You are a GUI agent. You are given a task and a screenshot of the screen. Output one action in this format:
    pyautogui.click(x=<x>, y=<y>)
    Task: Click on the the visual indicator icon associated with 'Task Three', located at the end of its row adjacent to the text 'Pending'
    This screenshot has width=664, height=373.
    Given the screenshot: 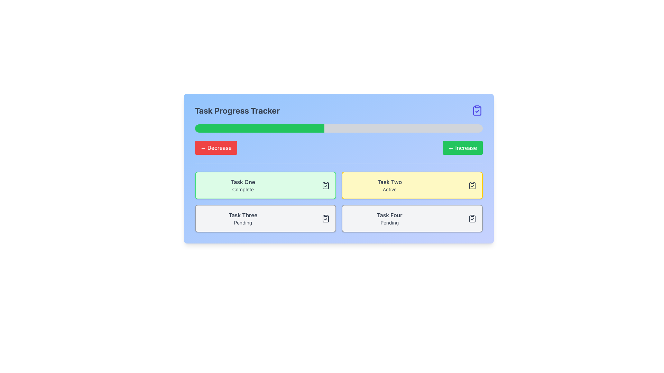 What is the action you would take?
    pyautogui.click(x=325, y=218)
    